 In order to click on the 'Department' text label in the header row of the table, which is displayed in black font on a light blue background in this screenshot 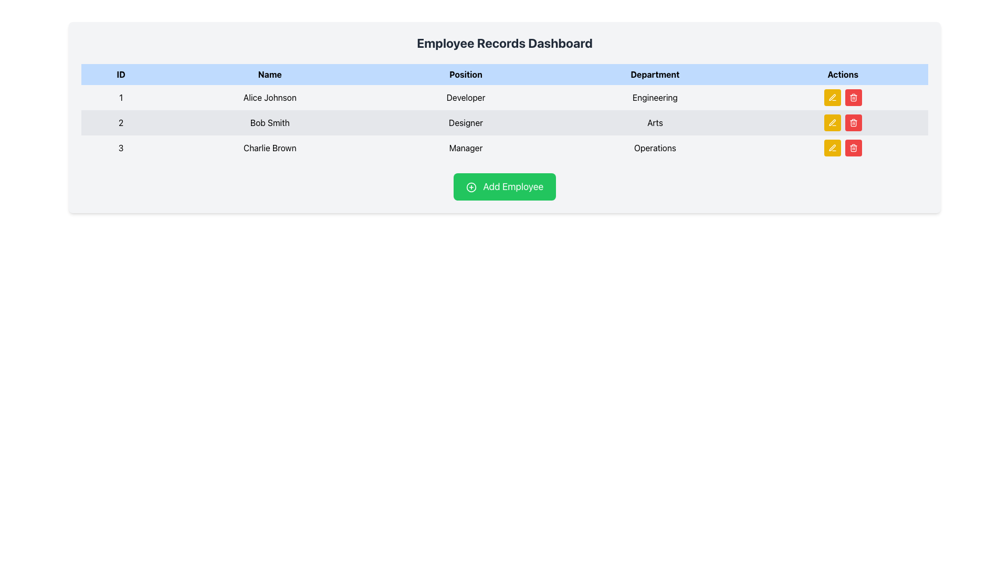, I will do `click(655, 74)`.